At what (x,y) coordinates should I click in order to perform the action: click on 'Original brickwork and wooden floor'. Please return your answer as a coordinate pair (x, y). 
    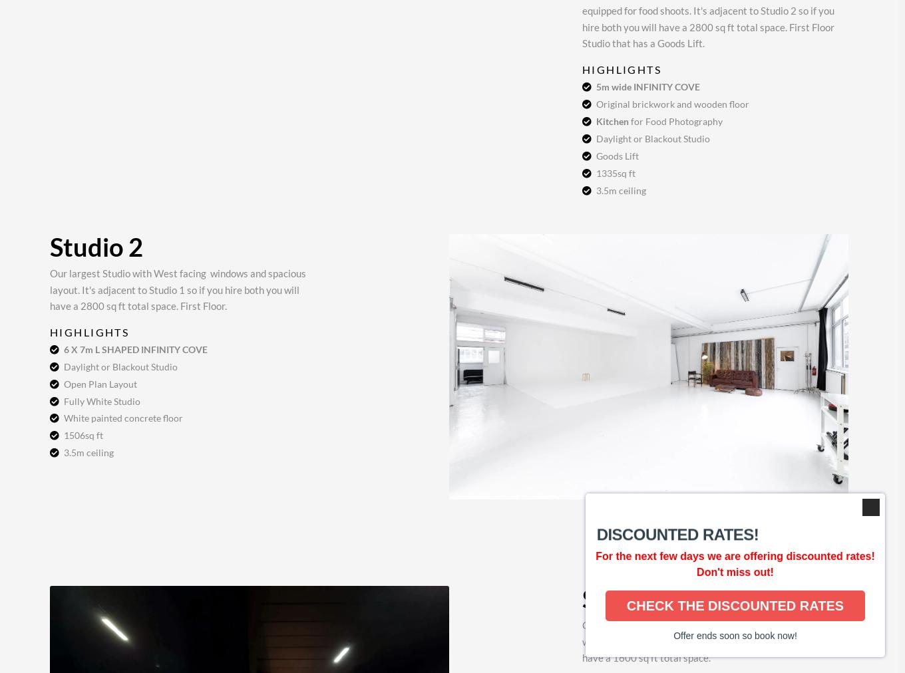
    Looking at the image, I should click on (672, 104).